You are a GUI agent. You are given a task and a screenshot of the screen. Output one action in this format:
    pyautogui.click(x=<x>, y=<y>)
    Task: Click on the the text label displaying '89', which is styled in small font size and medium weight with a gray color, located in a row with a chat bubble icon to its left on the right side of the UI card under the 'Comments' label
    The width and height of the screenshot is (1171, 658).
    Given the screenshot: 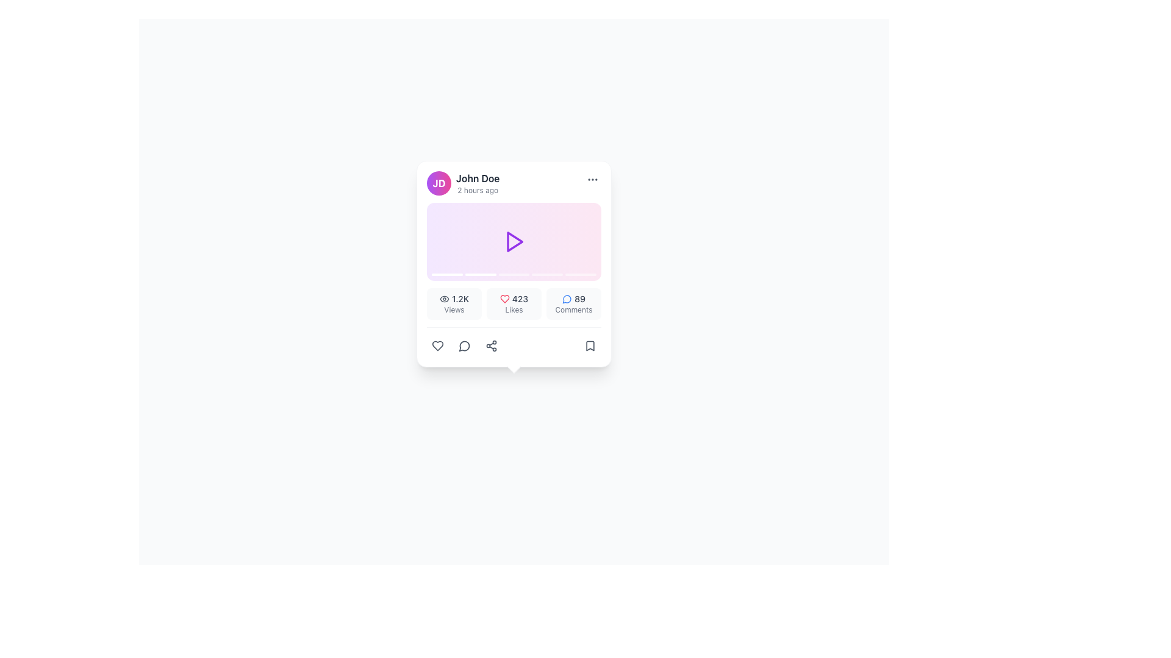 What is the action you would take?
    pyautogui.click(x=579, y=299)
    